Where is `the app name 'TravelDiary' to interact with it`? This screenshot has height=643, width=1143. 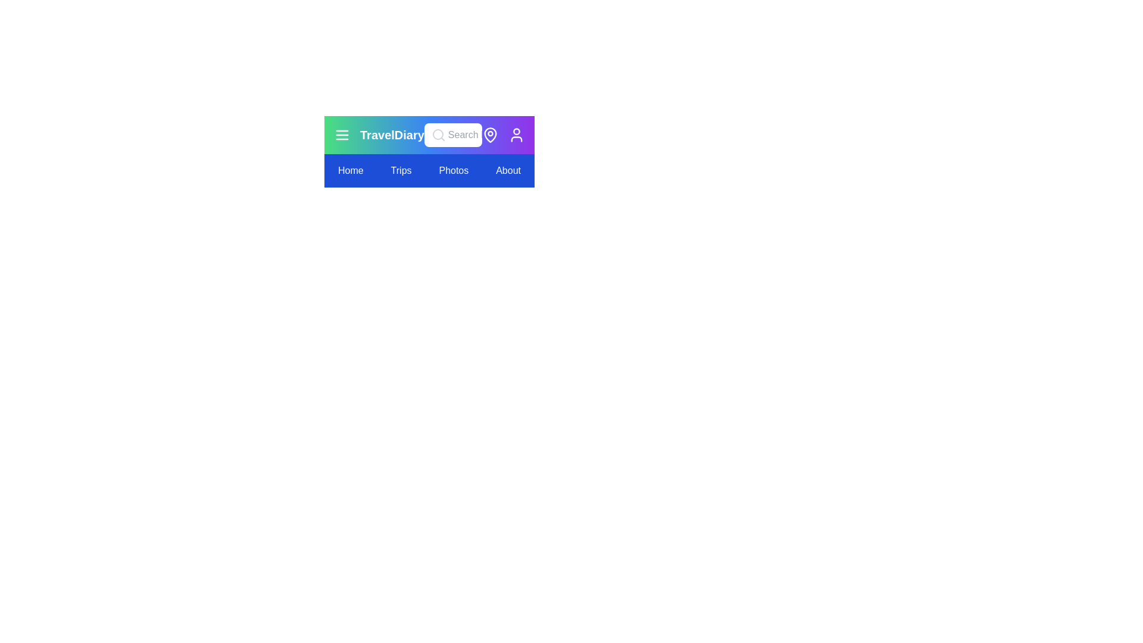
the app name 'TravelDiary' to interact with it is located at coordinates (392, 135).